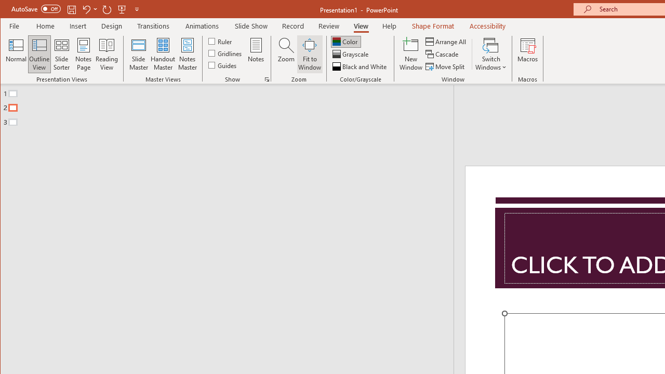  What do you see at coordinates (490, 54) in the screenshot?
I see `'Switch Windows'` at bounding box center [490, 54].